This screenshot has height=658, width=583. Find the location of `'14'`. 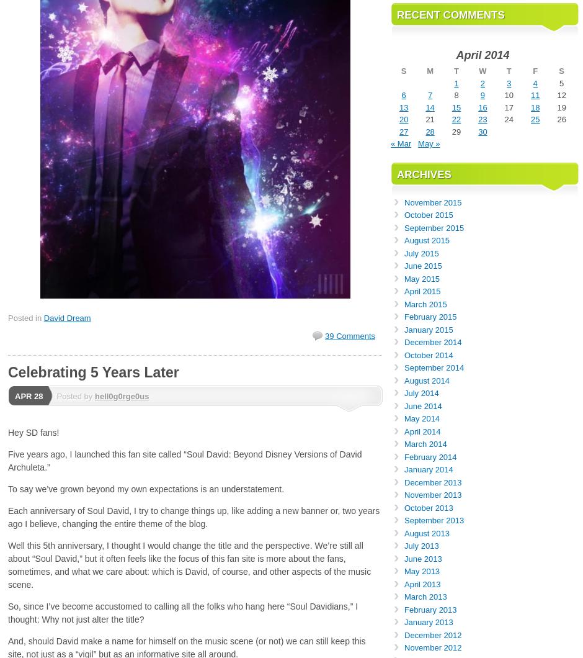

'14' is located at coordinates (429, 106).